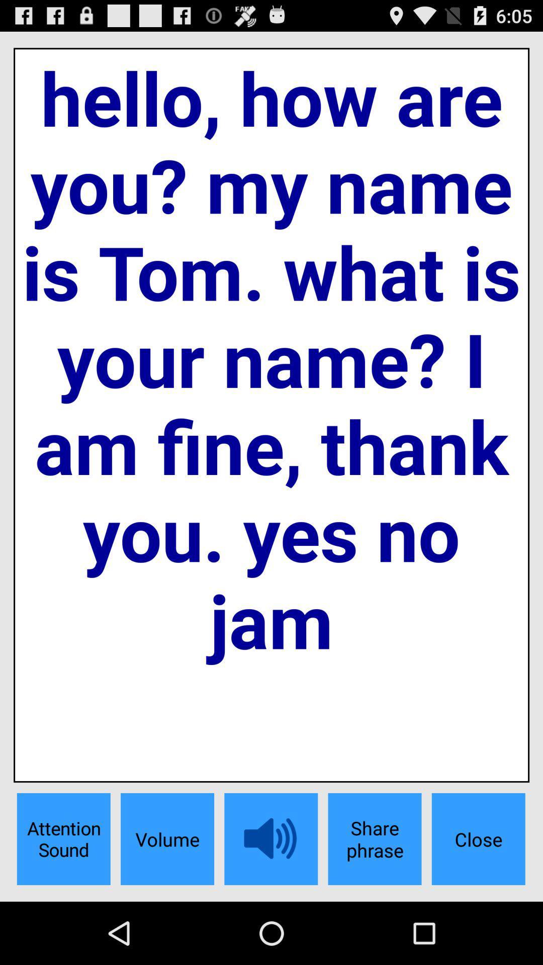  Describe the element at coordinates (63, 839) in the screenshot. I see `item next to the volume icon` at that location.